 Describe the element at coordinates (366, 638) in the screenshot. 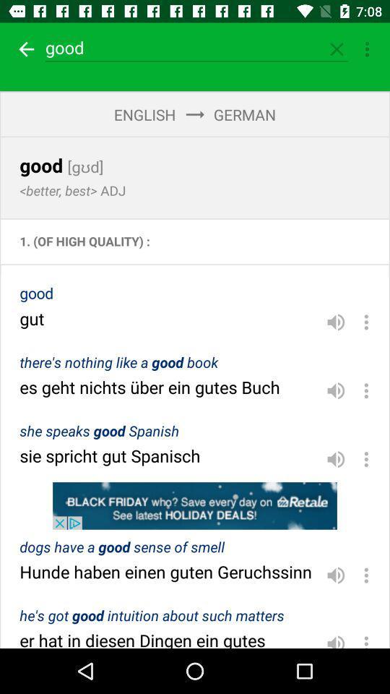

I see `click three dots` at that location.